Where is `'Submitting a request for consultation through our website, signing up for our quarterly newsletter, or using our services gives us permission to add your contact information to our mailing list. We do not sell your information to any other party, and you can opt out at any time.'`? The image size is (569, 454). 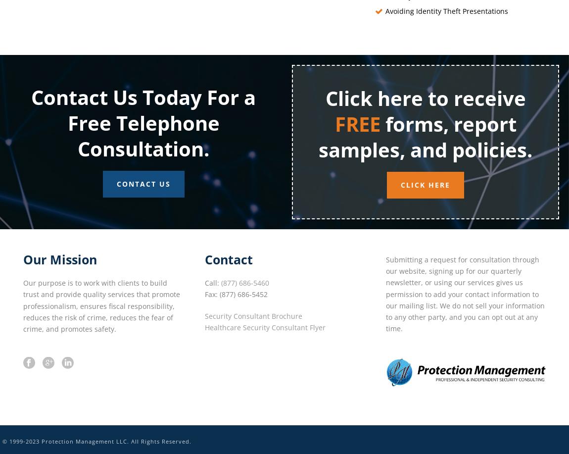 'Submitting a request for consultation through our website, signing up for our quarterly newsletter, or using our services gives us permission to add your contact information to our mailing list. We do not sell your information to any other party, and you can opt out at any time.' is located at coordinates (465, 293).